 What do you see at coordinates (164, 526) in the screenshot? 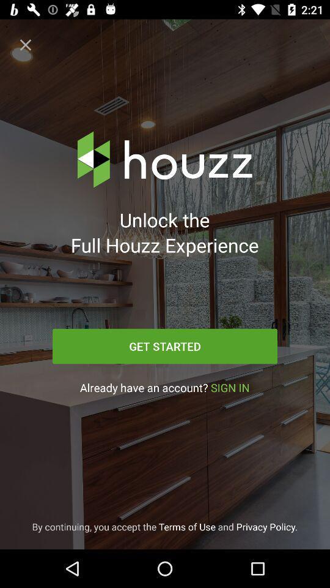
I see `the icon below the already have an icon` at bounding box center [164, 526].